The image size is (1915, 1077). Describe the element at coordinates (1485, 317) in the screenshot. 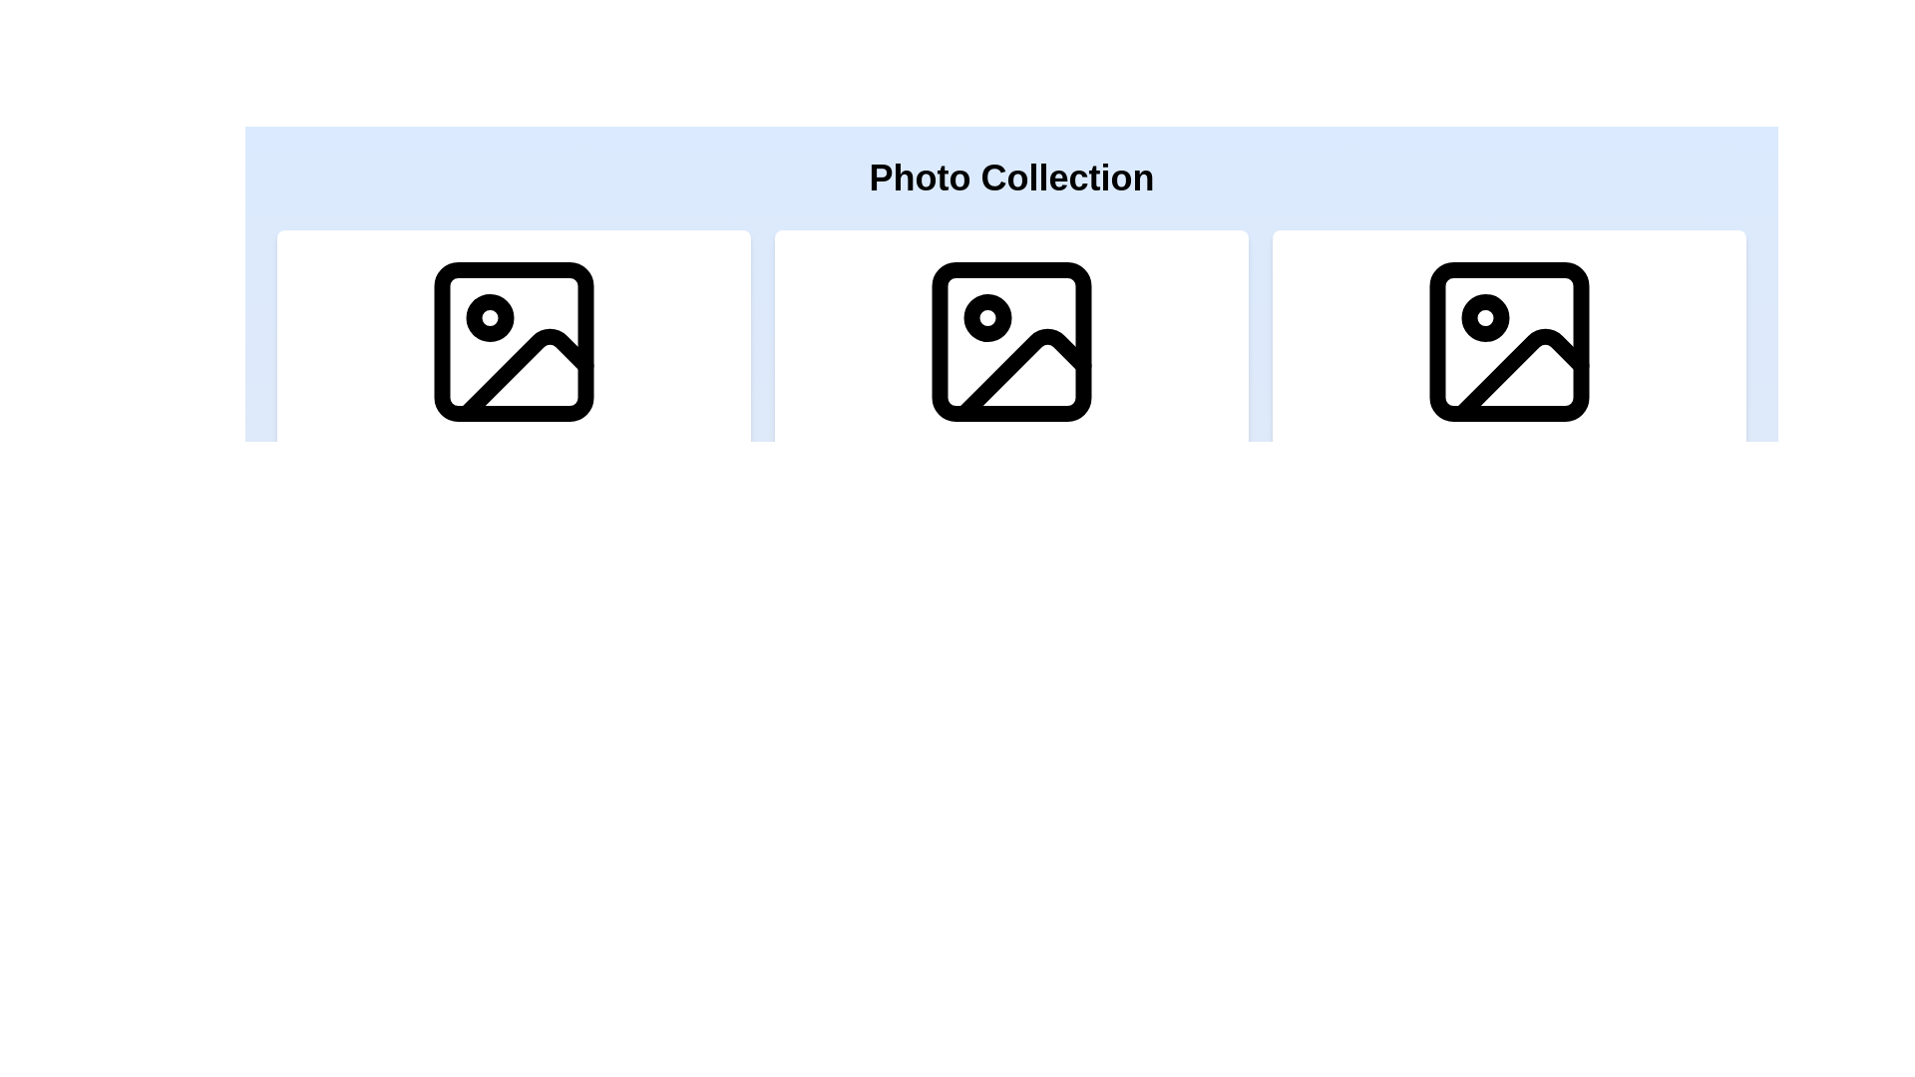

I see `the small circular shape with a white center and black outline, which is a sub-component of the third image icon in a row of three similar icons` at that location.